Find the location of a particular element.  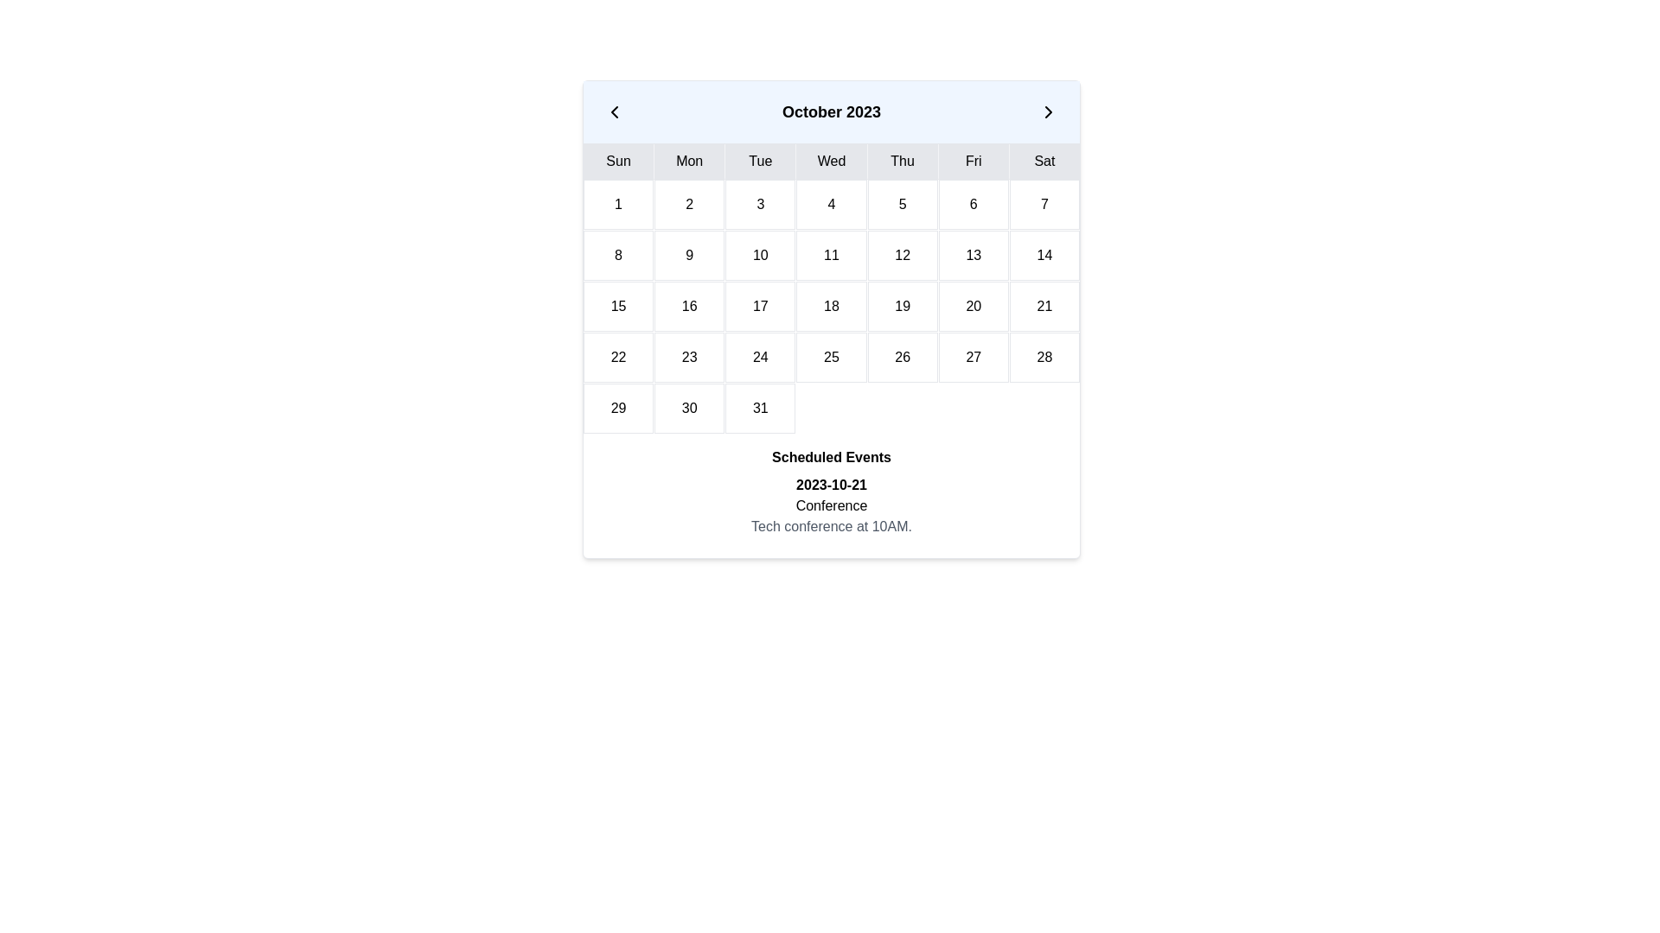

the Calendar Day Cell displaying the date '15' is located at coordinates (618, 305).